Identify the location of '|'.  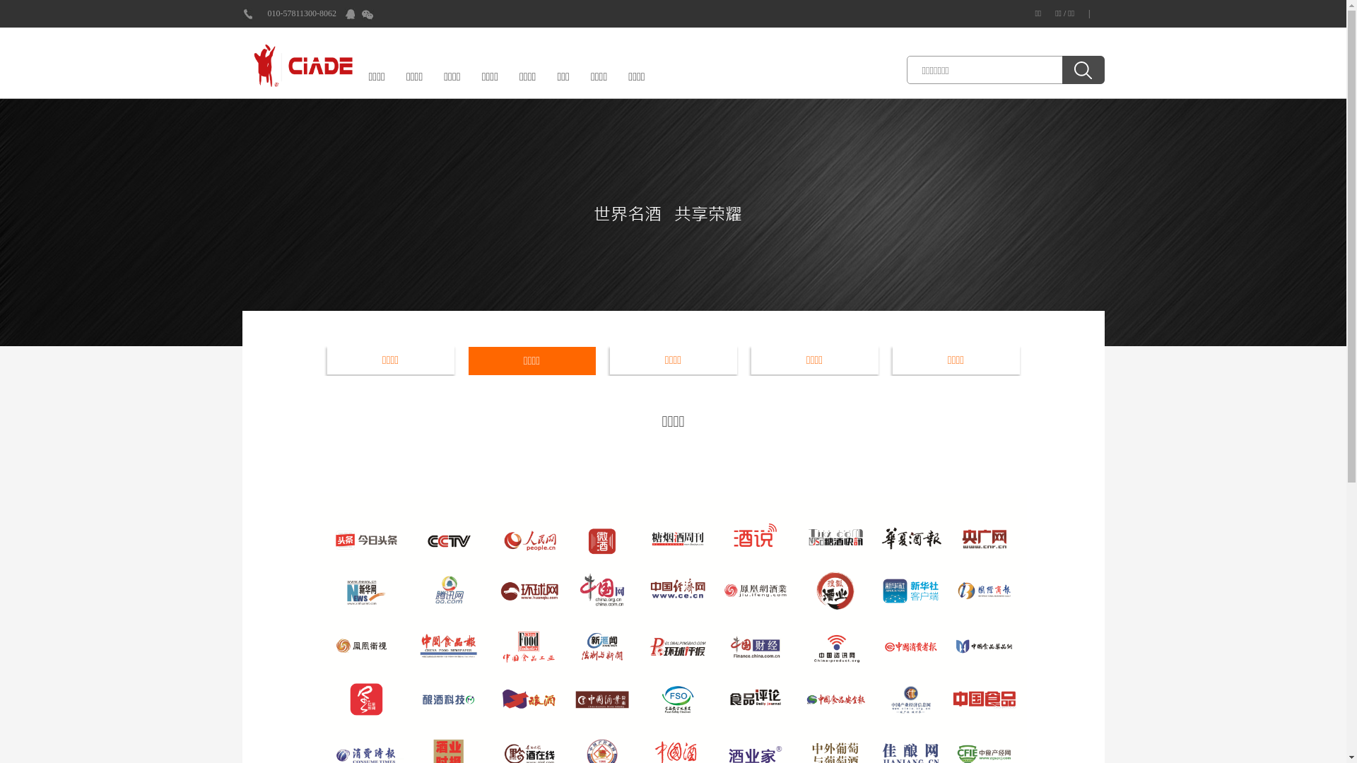
(1088, 13).